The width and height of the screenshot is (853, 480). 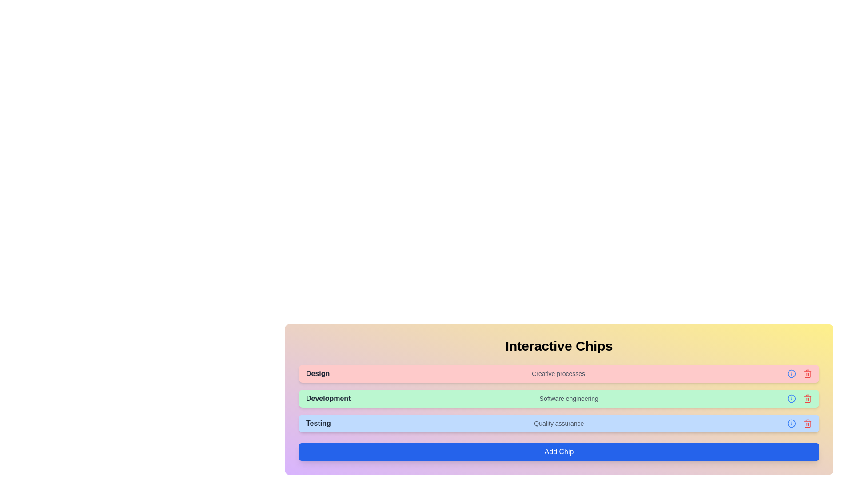 What do you see at coordinates (791, 398) in the screenshot?
I see `'Info' icon for the chip labeled Development` at bounding box center [791, 398].